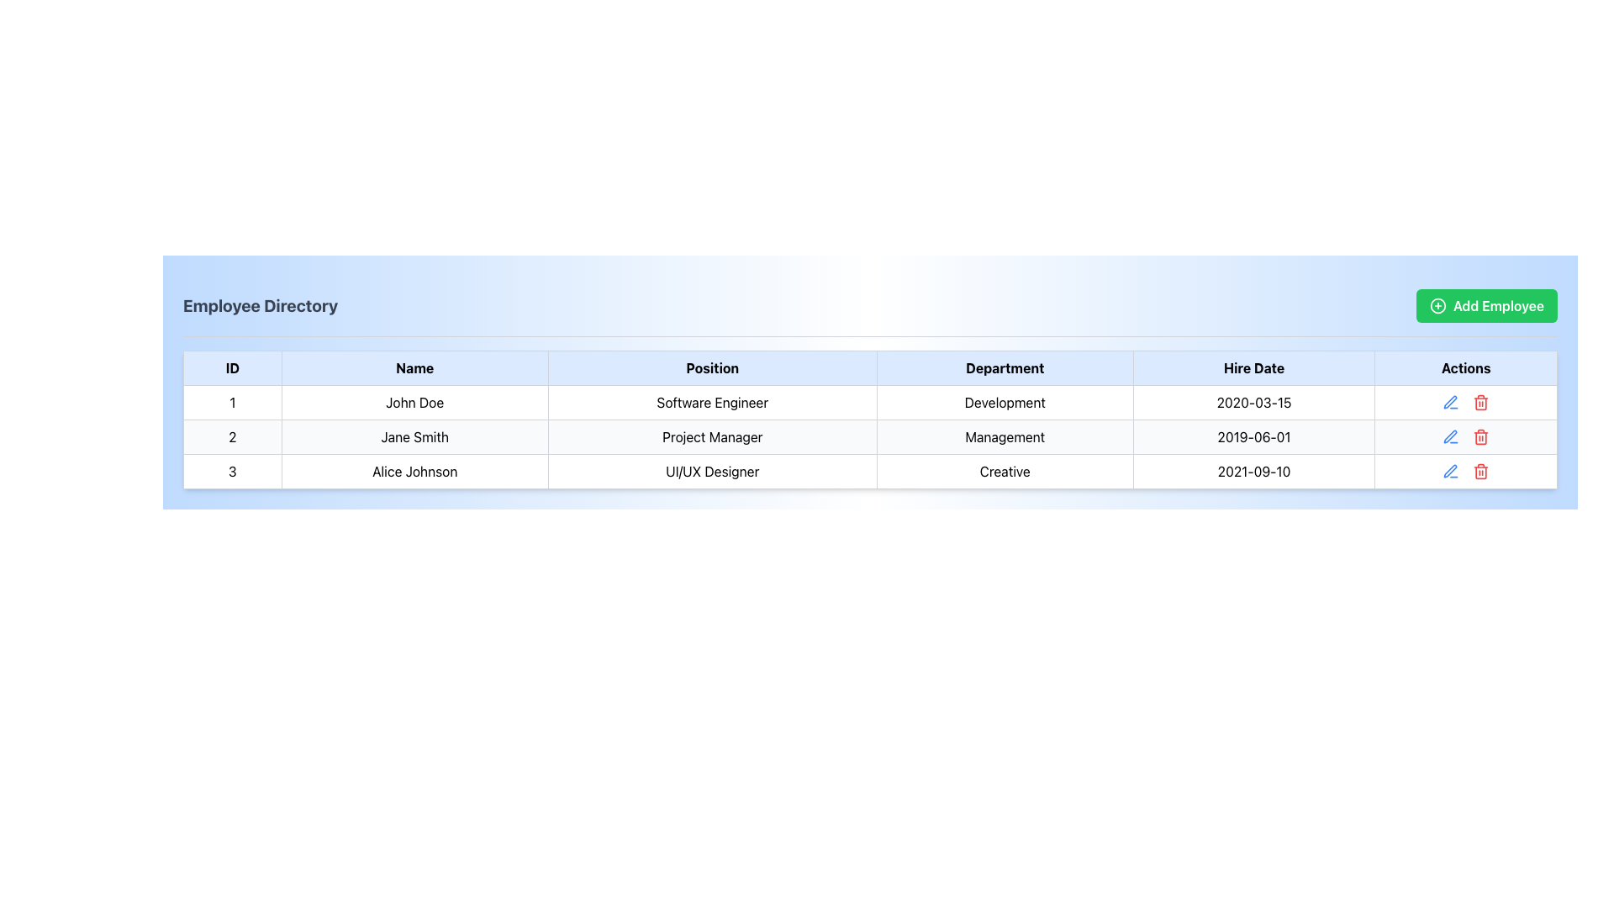 This screenshot has width=1614, height=908. I want to click on the delete icon button in the Actions column of the last row, so click(1481, 471).